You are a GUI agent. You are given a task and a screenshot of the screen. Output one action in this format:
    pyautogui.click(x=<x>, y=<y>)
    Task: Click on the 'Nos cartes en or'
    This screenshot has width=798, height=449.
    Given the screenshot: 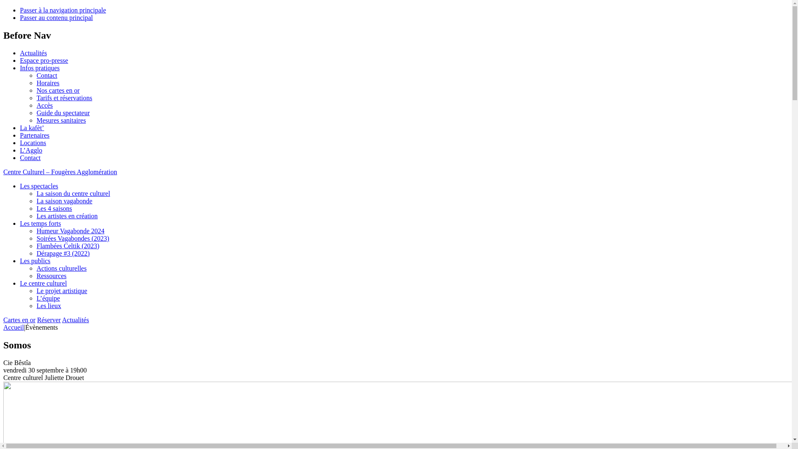 What is the action you would take?
    pyautogui.click(x=57, y=90)
    